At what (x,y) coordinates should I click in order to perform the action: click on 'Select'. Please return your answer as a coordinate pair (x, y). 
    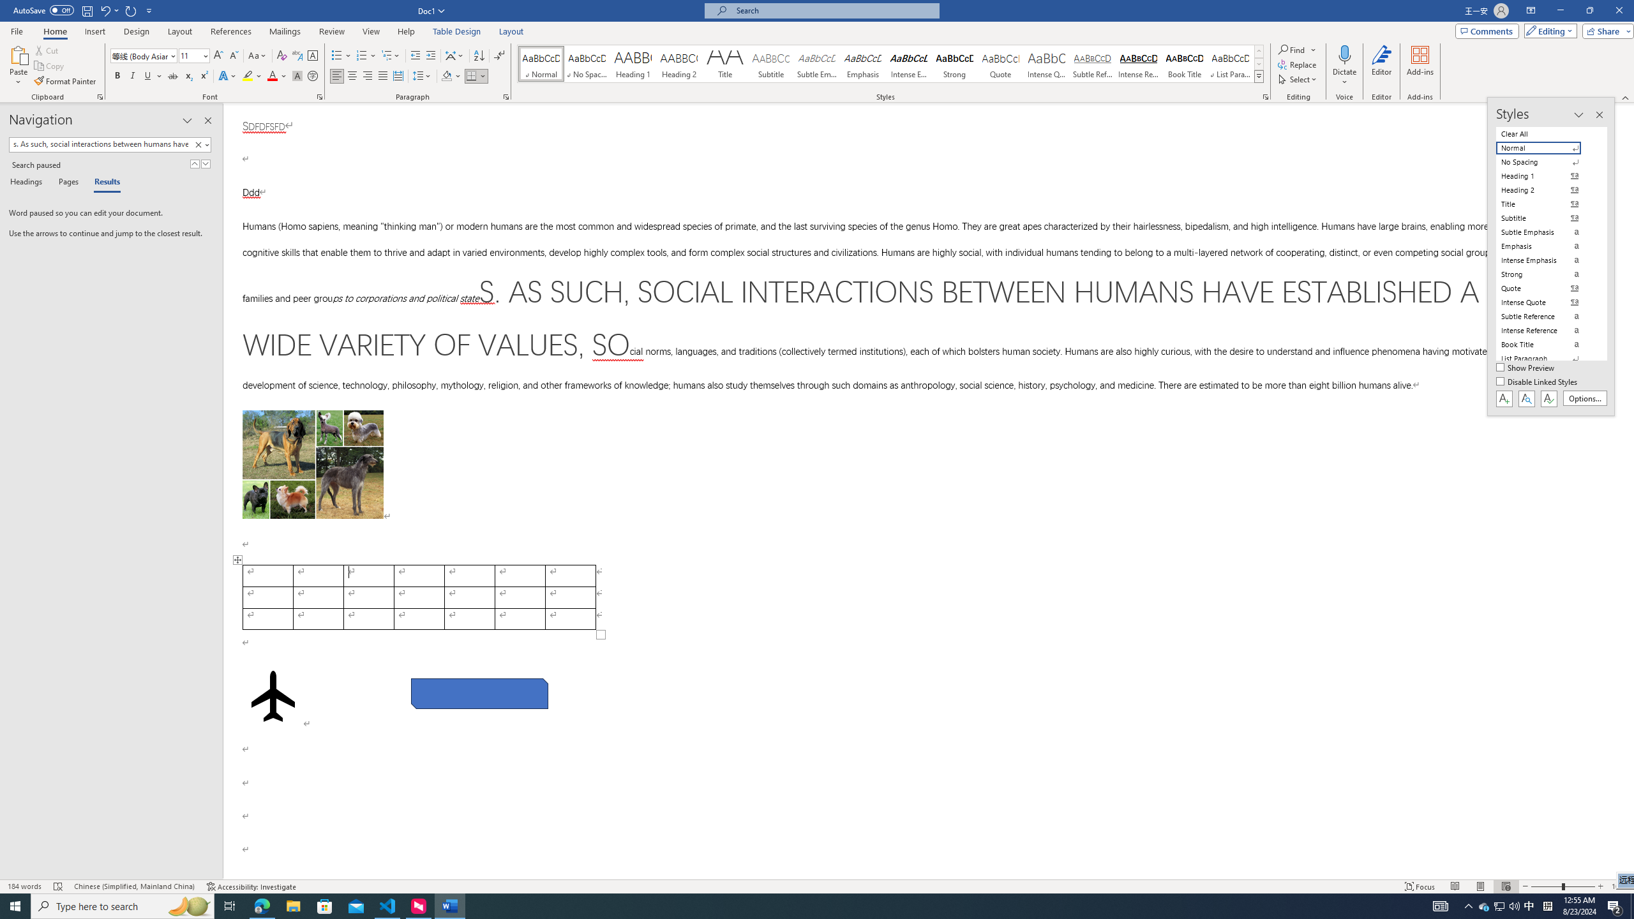
    Looking at the image, I should click on (1298, 78).